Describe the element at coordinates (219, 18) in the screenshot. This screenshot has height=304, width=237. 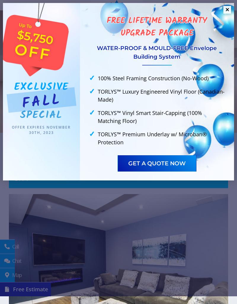
I see `'Menu'` at that location.